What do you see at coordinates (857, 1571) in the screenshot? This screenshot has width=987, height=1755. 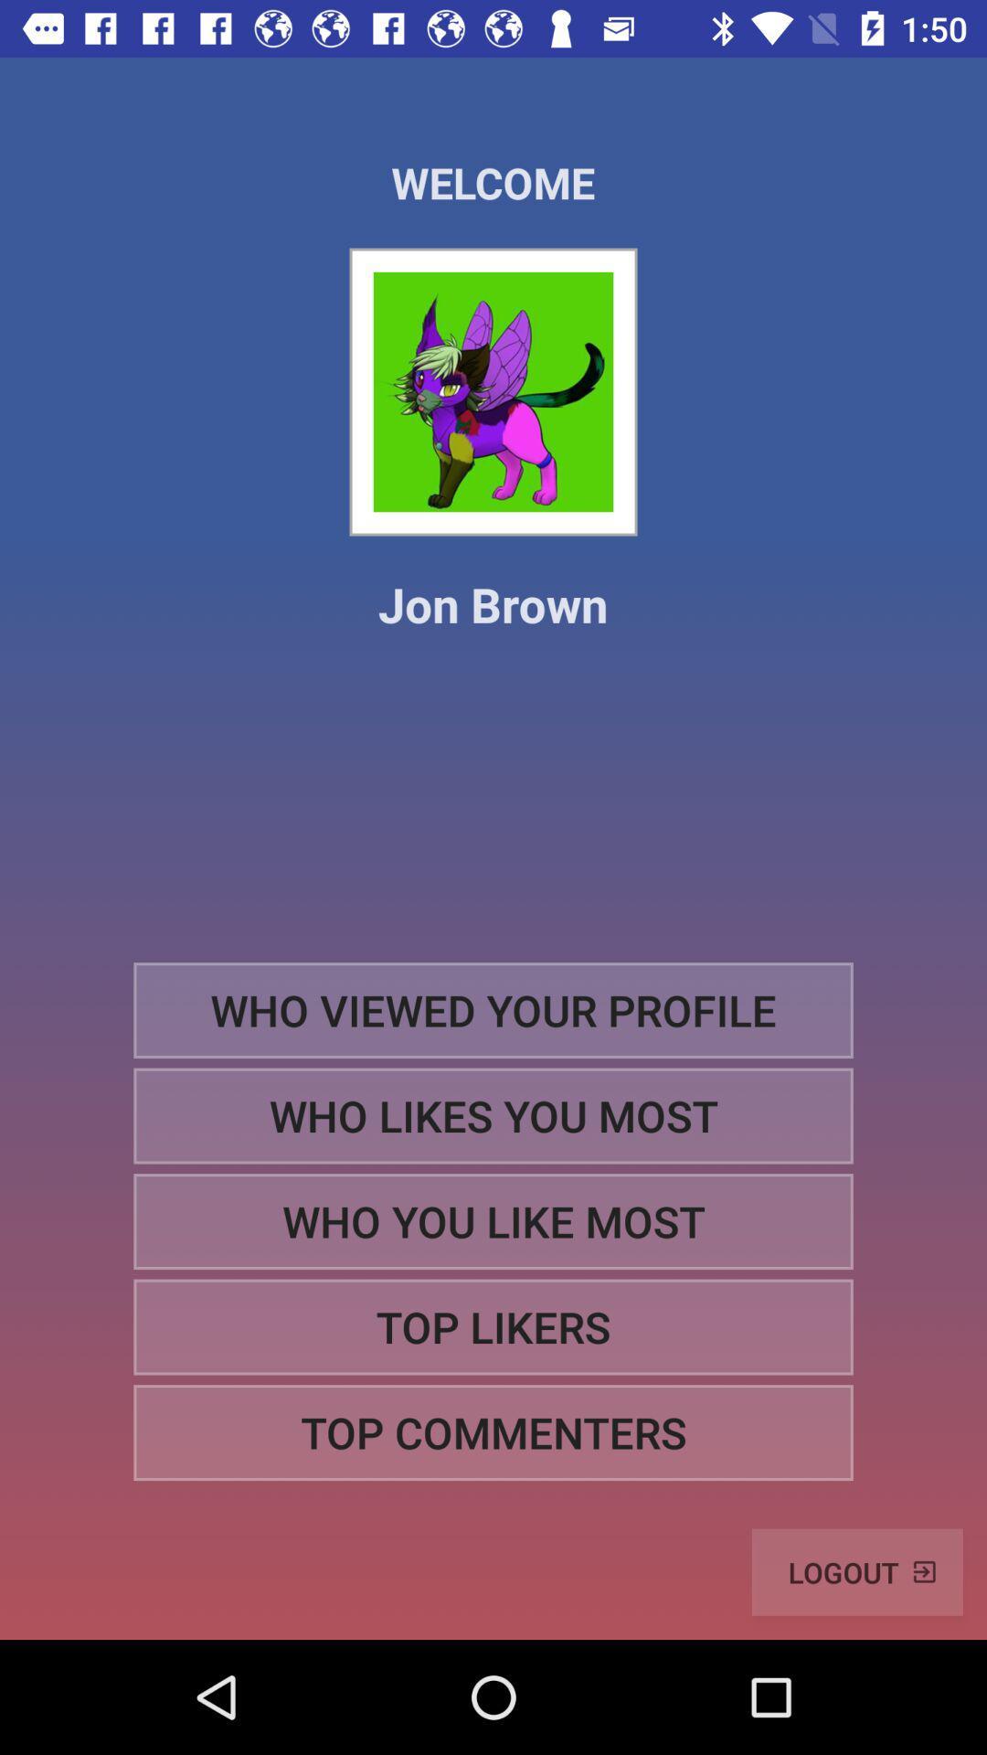 I see `logout item` at bounding box center [857, 1571].